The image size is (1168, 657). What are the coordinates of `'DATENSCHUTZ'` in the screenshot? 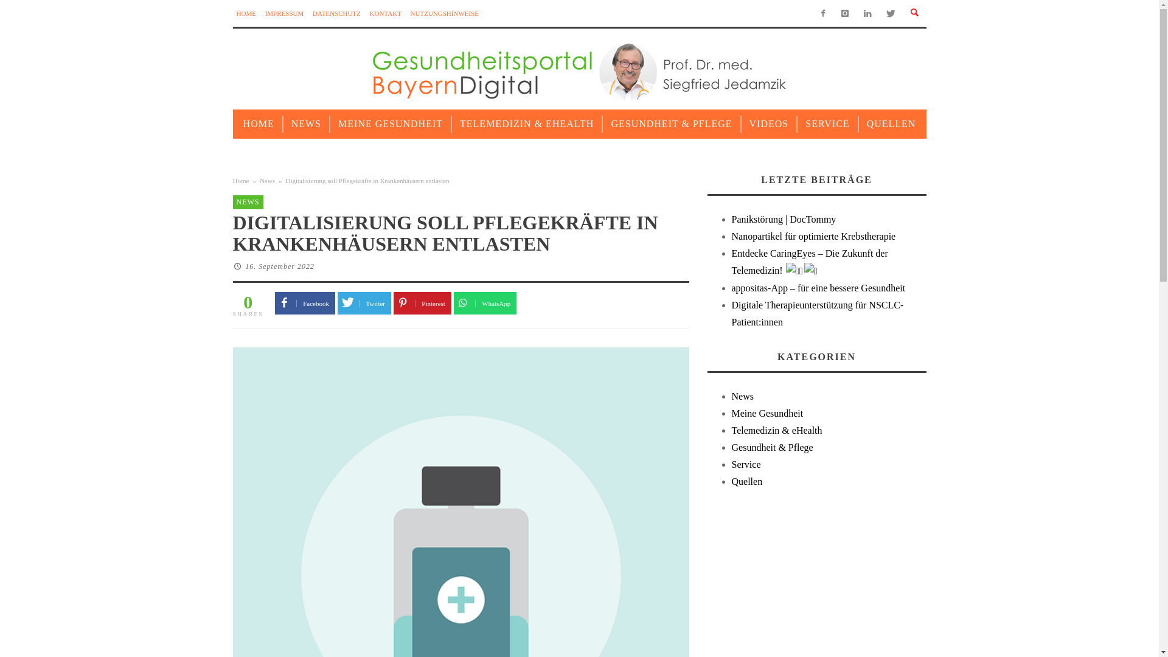 It's located at (336, 13).